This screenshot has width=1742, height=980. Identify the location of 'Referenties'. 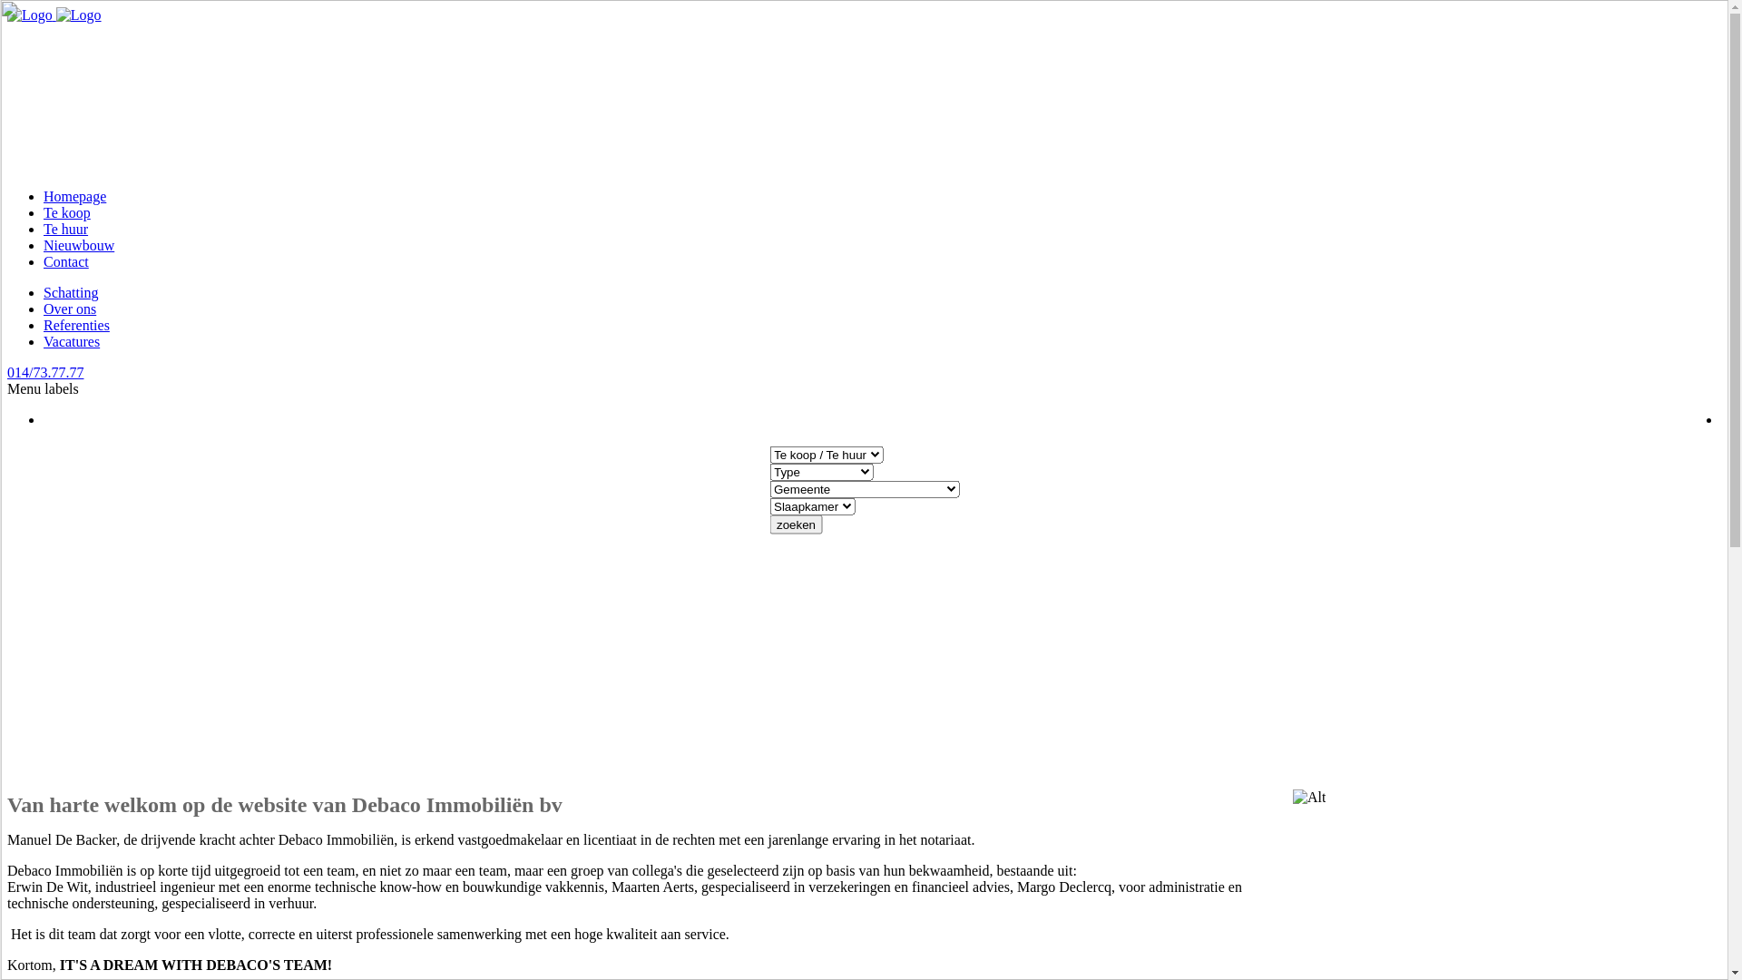
(75, 324).